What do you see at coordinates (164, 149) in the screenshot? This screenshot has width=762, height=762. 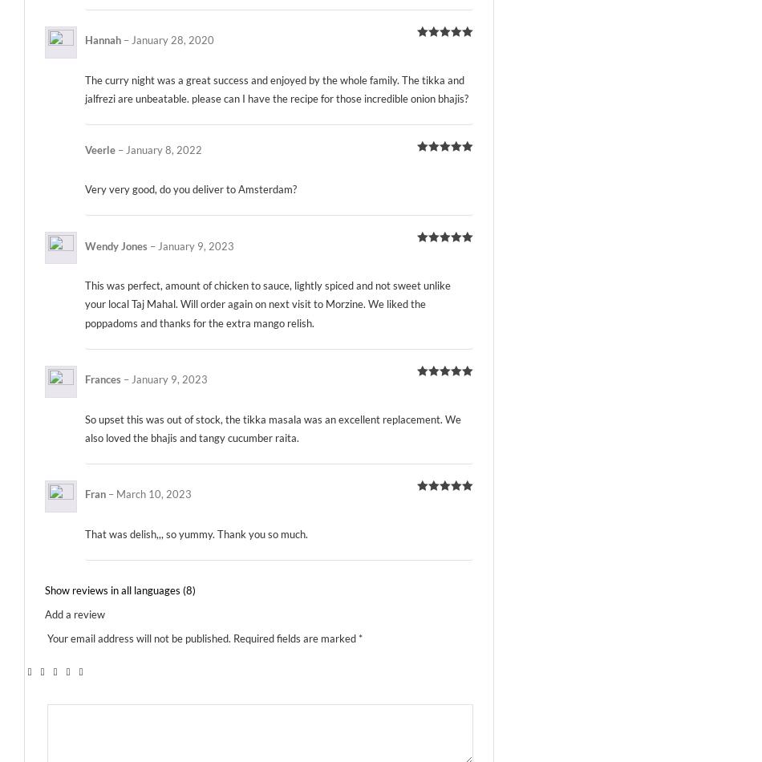 I see `'January 8, 2022'` at bounding box center [164, 149].